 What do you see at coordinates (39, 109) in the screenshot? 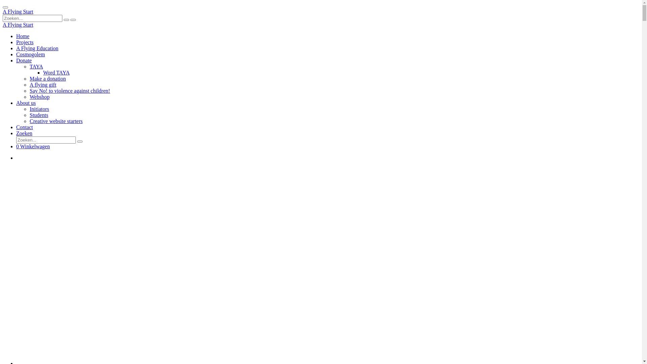
I see `'Initiators'` at bounding box center [39, 109].